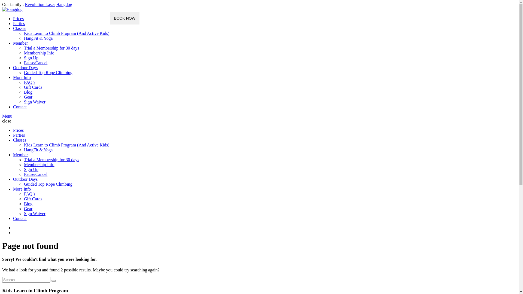  Describe the element at coordinates (20, 155) in the screenshot. I see `'Member'` at that location.